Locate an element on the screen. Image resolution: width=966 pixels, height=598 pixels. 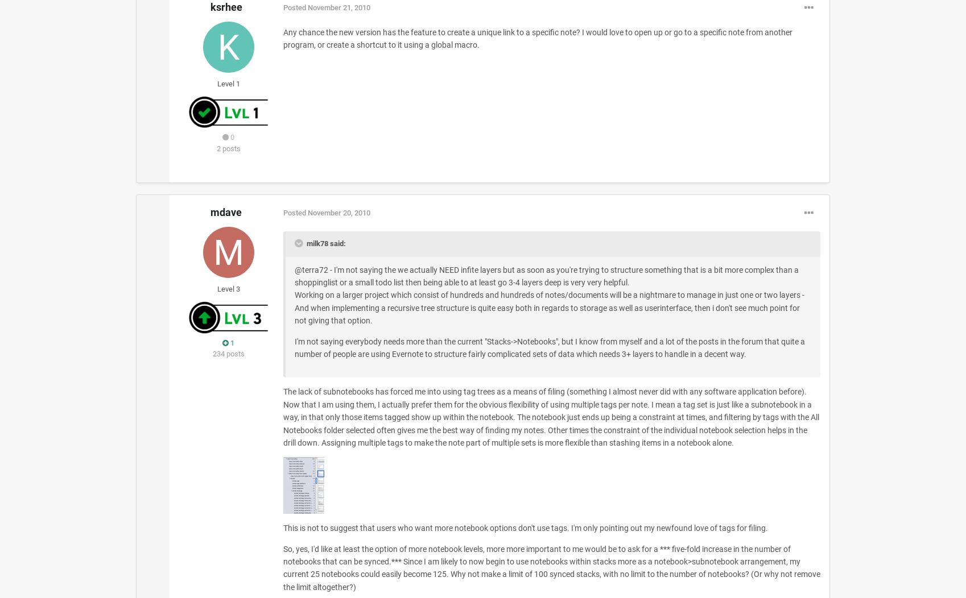
'Working on a larger project which consist of hundreds and hundreds of notes/documents will be a nightmare to manage in just one or two layers - And when implementing a recursive tree structure is quite easy both in regards to storage as well as userinterface, then i don't see much point for not giving that option.' is located at coordinates (548, 308).